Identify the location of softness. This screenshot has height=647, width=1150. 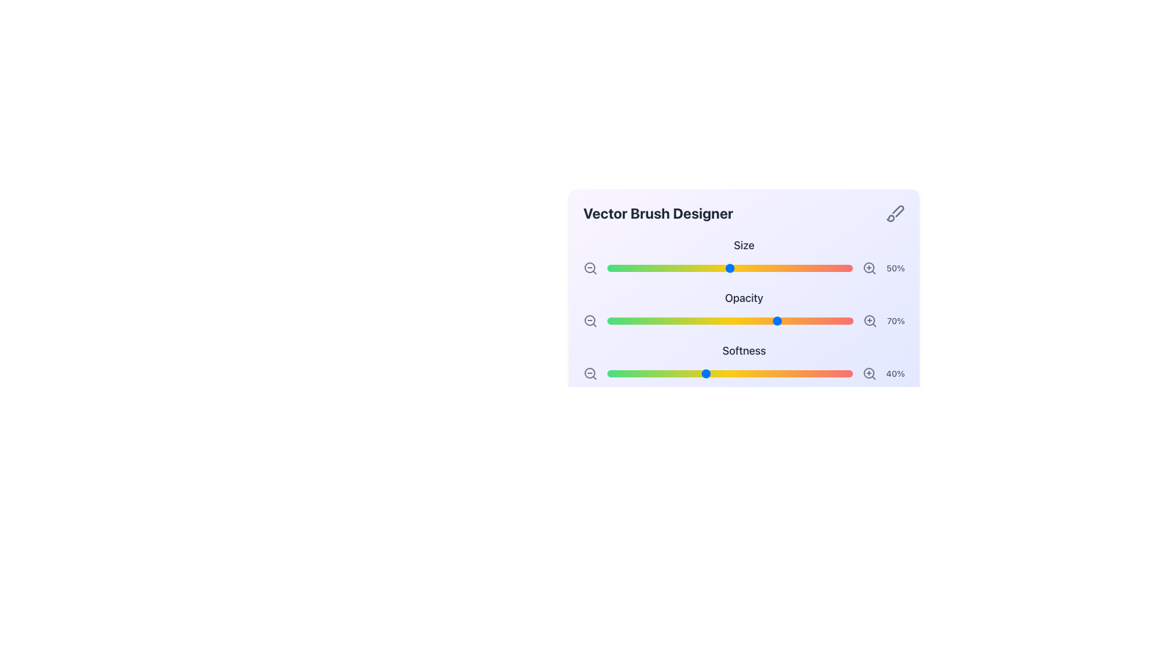
(636, 373).